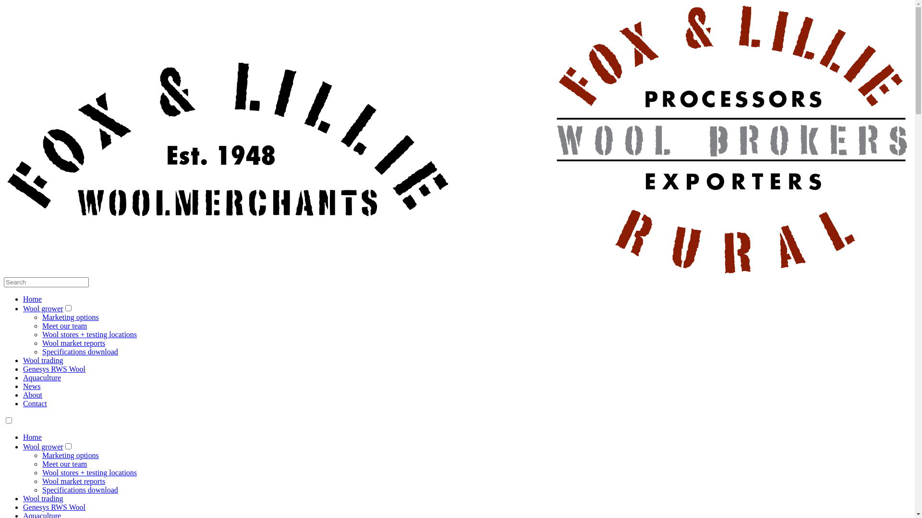 The height and width of the screenshot is (518, 922). What do you see at coordinates (89, 334) in the screenshot?
I see `'Wool stores + testing locations'` at bounding box center [89, 334].